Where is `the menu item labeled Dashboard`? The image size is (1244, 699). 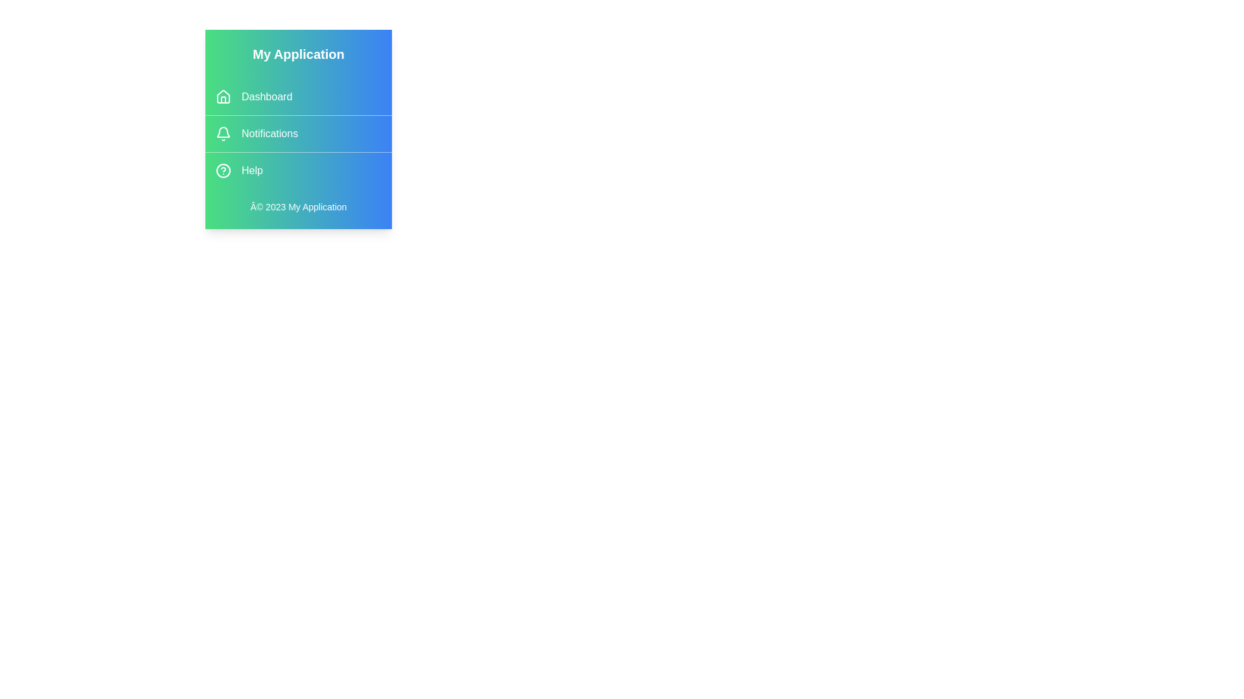
the menu item labeled Dashboard is located at coordinates (297, 96).